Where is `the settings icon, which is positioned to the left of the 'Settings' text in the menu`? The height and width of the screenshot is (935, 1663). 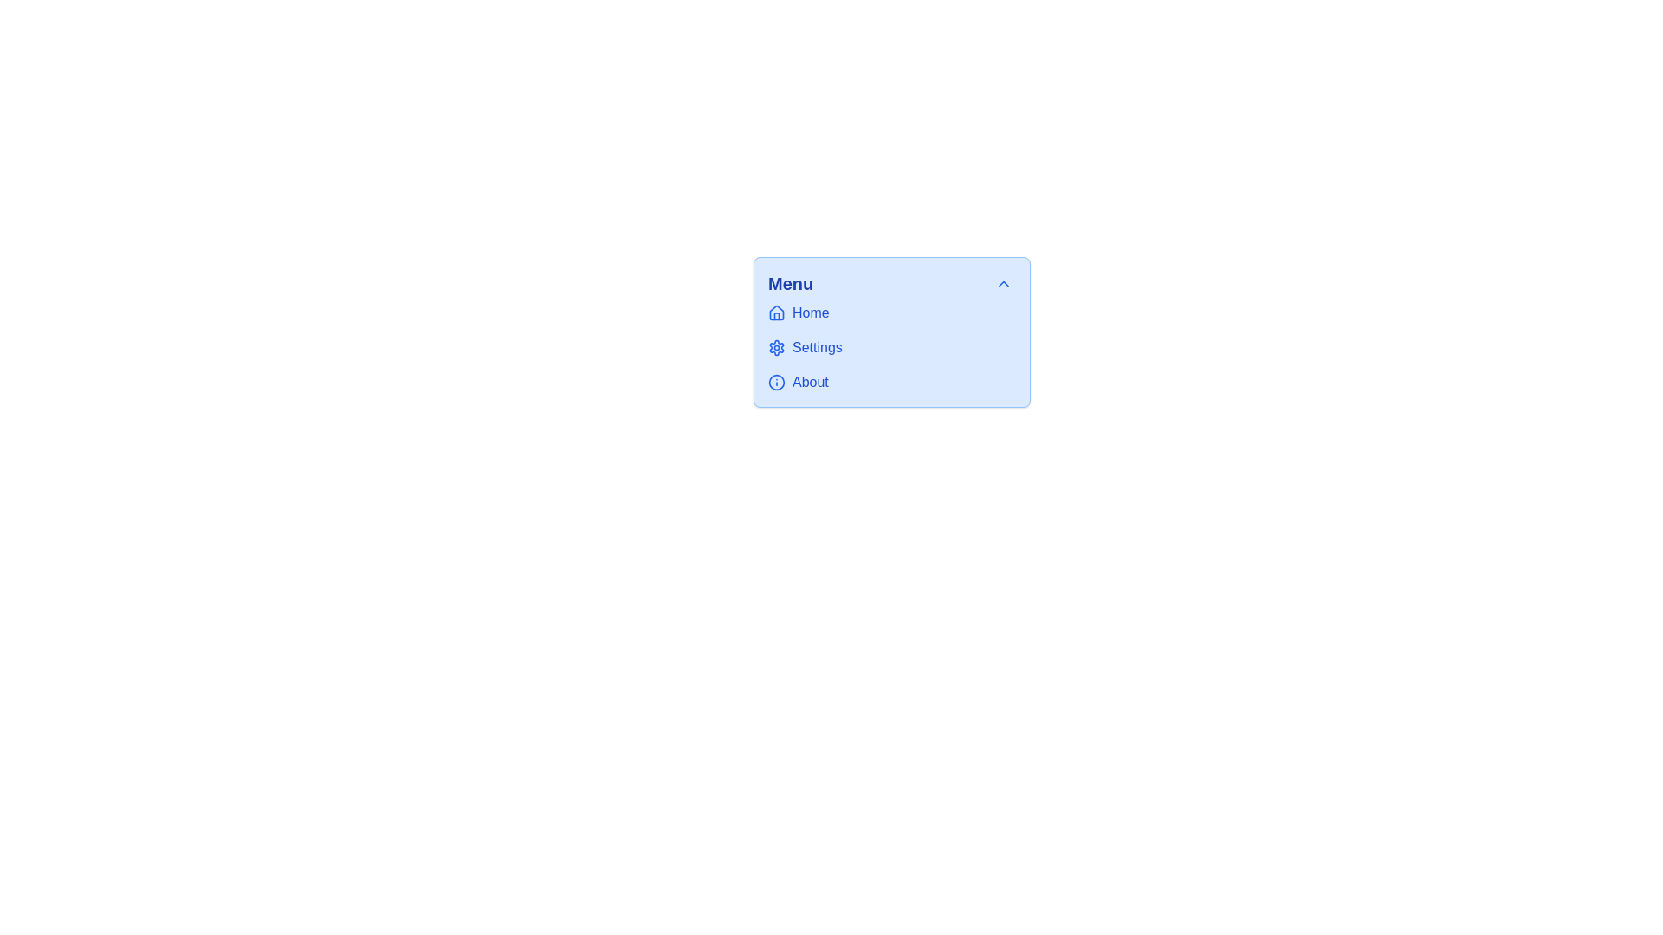 the settings icon, which is positioned to the left of the 'Settings' text in the menu is located at coordinates (776, 347).